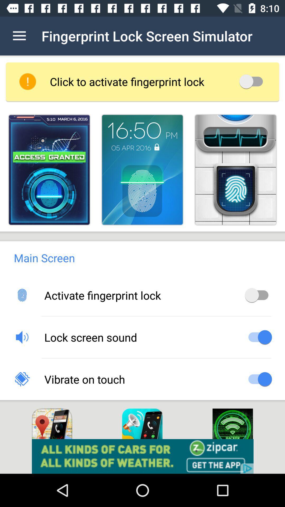 The height and width of the screenshot is (507, 285). What do you see at coordinates (253, 81) in the screenshot?
I see `lock off/on` at bounding box center [253, 81].